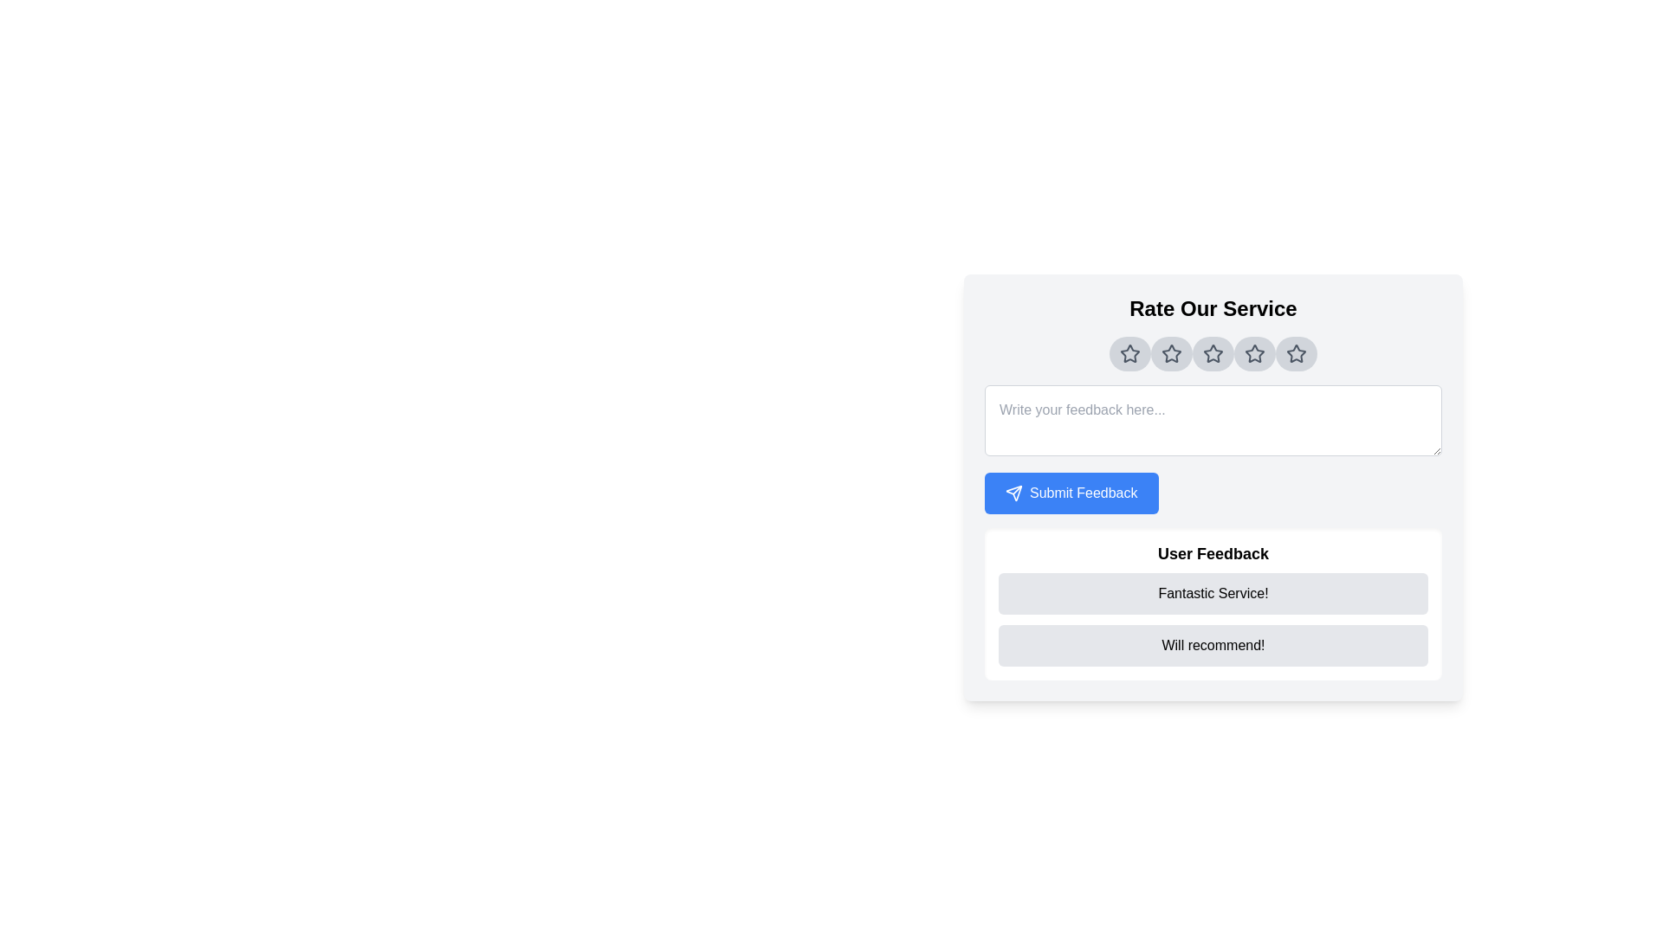 The image size is (1663, 935). I want to click on the fifth star icon in the rating section, so click(1297, 352).